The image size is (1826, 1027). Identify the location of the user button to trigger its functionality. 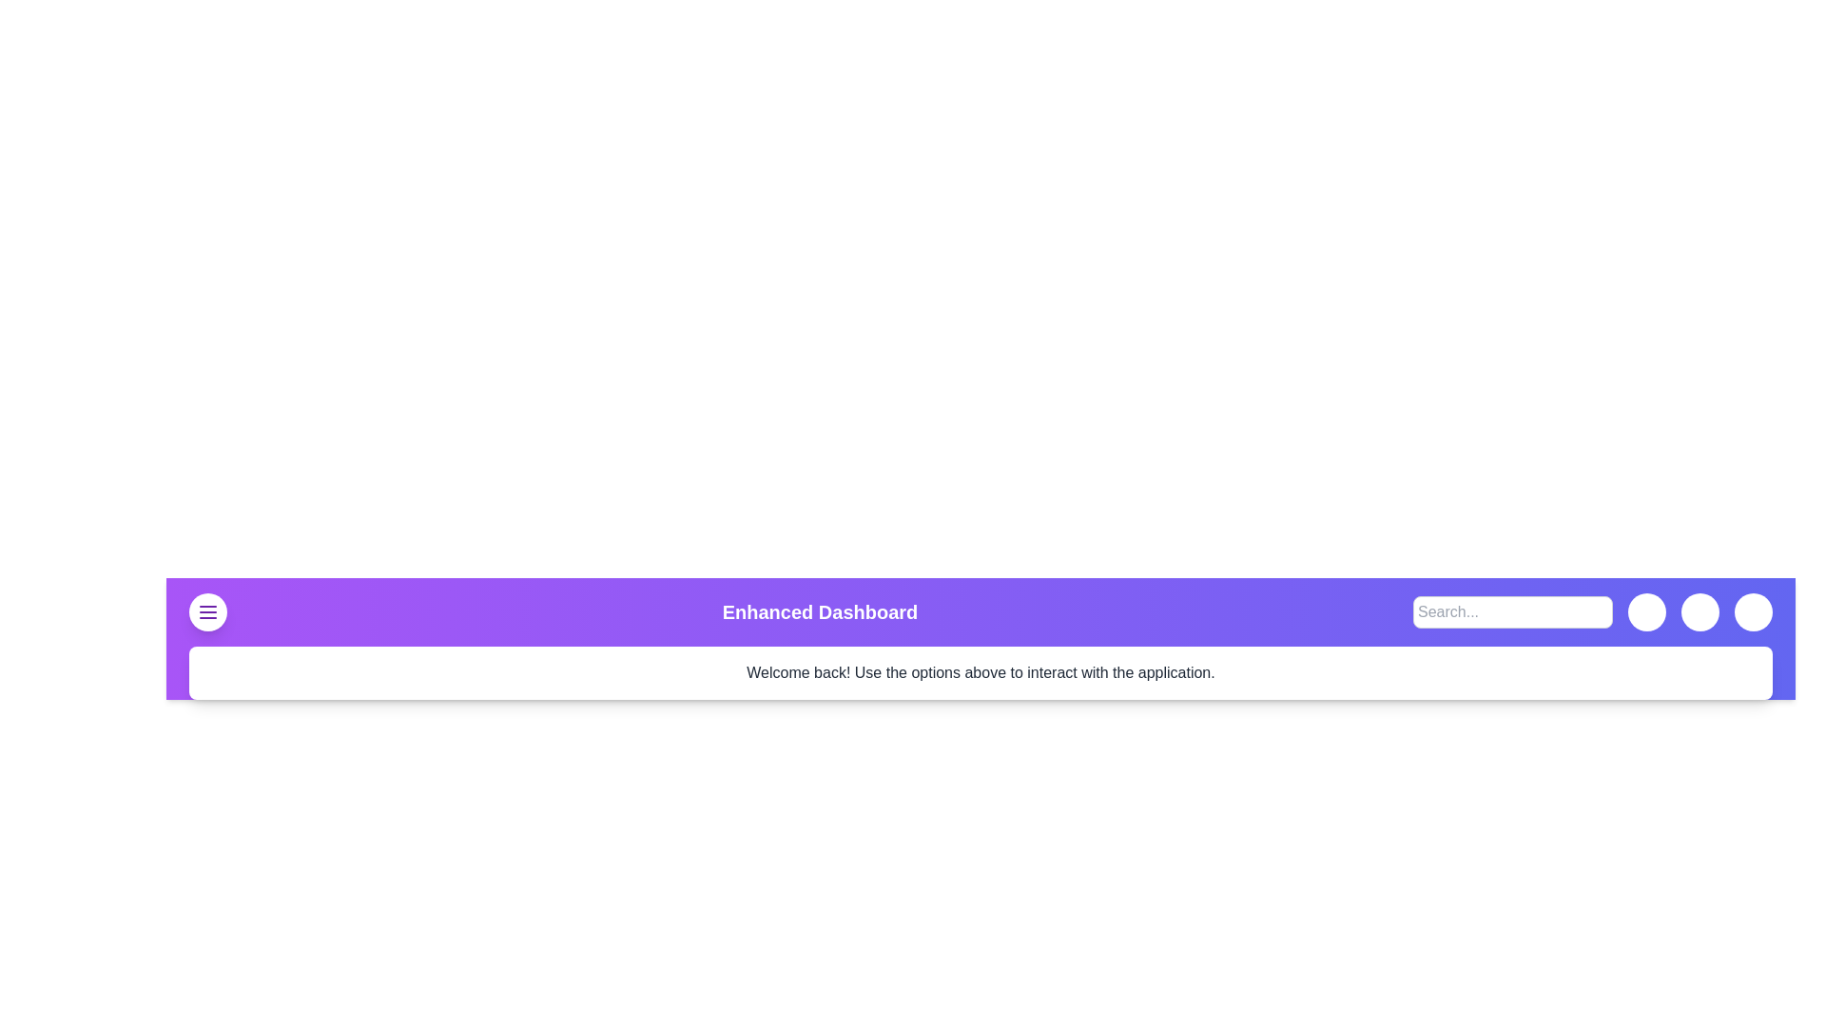
(1752, 612).